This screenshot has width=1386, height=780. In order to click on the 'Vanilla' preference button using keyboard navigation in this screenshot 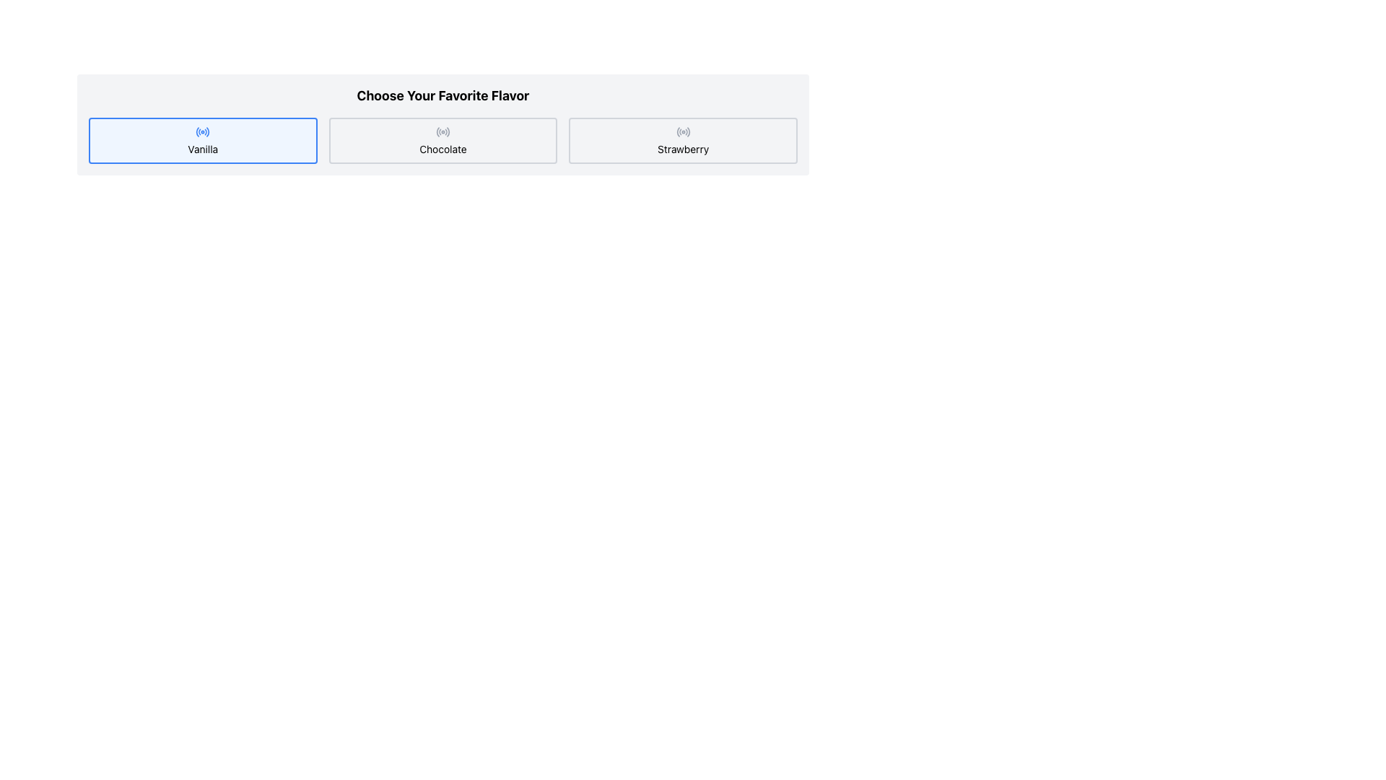, I will do `click(202, 141)`.